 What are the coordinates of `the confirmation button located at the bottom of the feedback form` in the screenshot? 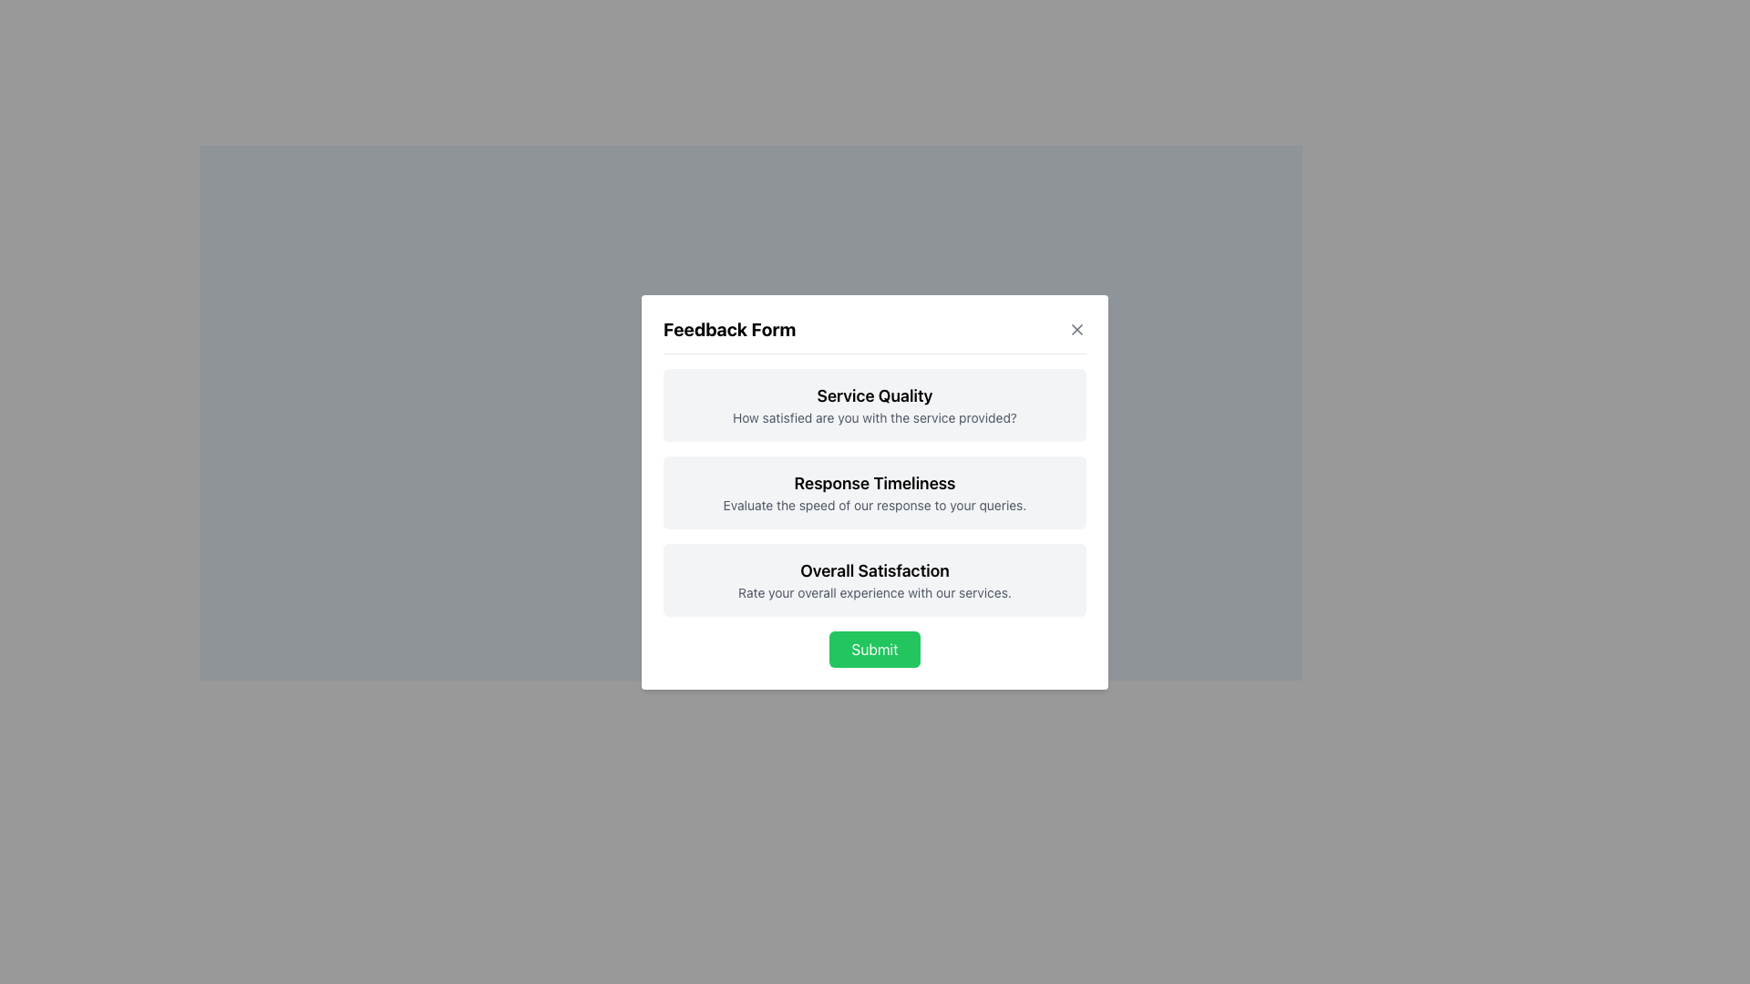 It's located at (875, 648).